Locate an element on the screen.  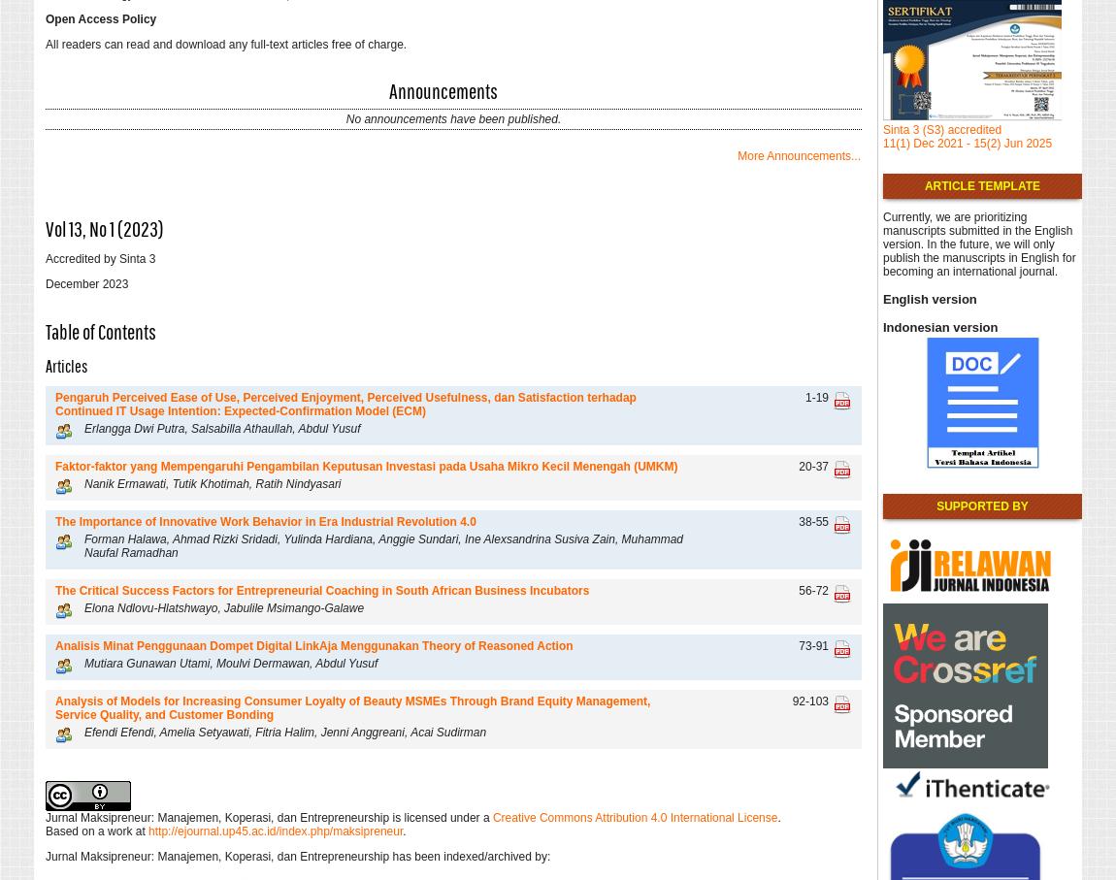
'Jurnal Maksipreneur: Manajemen, Koperasi, dan Entrepreneurship' is located at coordinates (216, 815).